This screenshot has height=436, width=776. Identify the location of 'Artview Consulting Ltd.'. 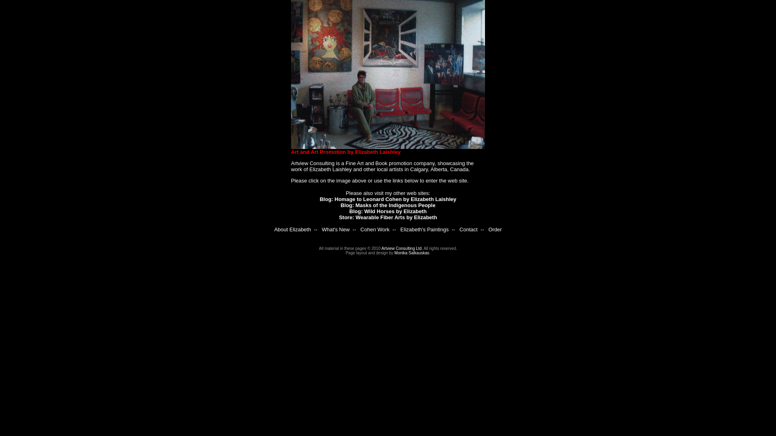
(381, 248).